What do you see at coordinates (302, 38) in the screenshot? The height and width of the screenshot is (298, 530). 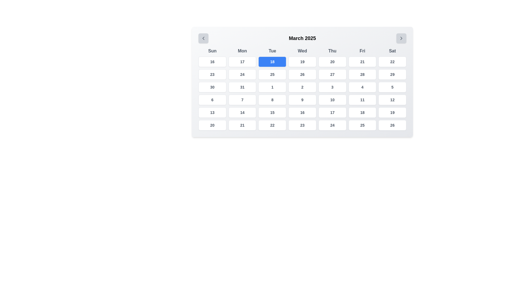 I see `the text label that indicates the currently displayed month and year in the calendar, located centrally between the previous and next navigation arrows` at bounding box center [302, 38].